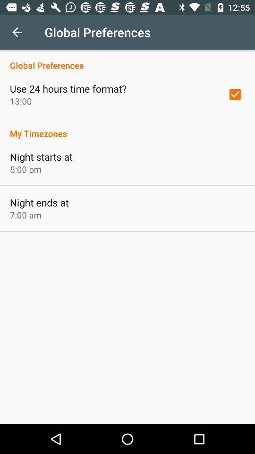  What do you see at coordinates (234, 94) in the screenshot?
I see `the item next to use 24 hours item` at bounding box center [234, 94].